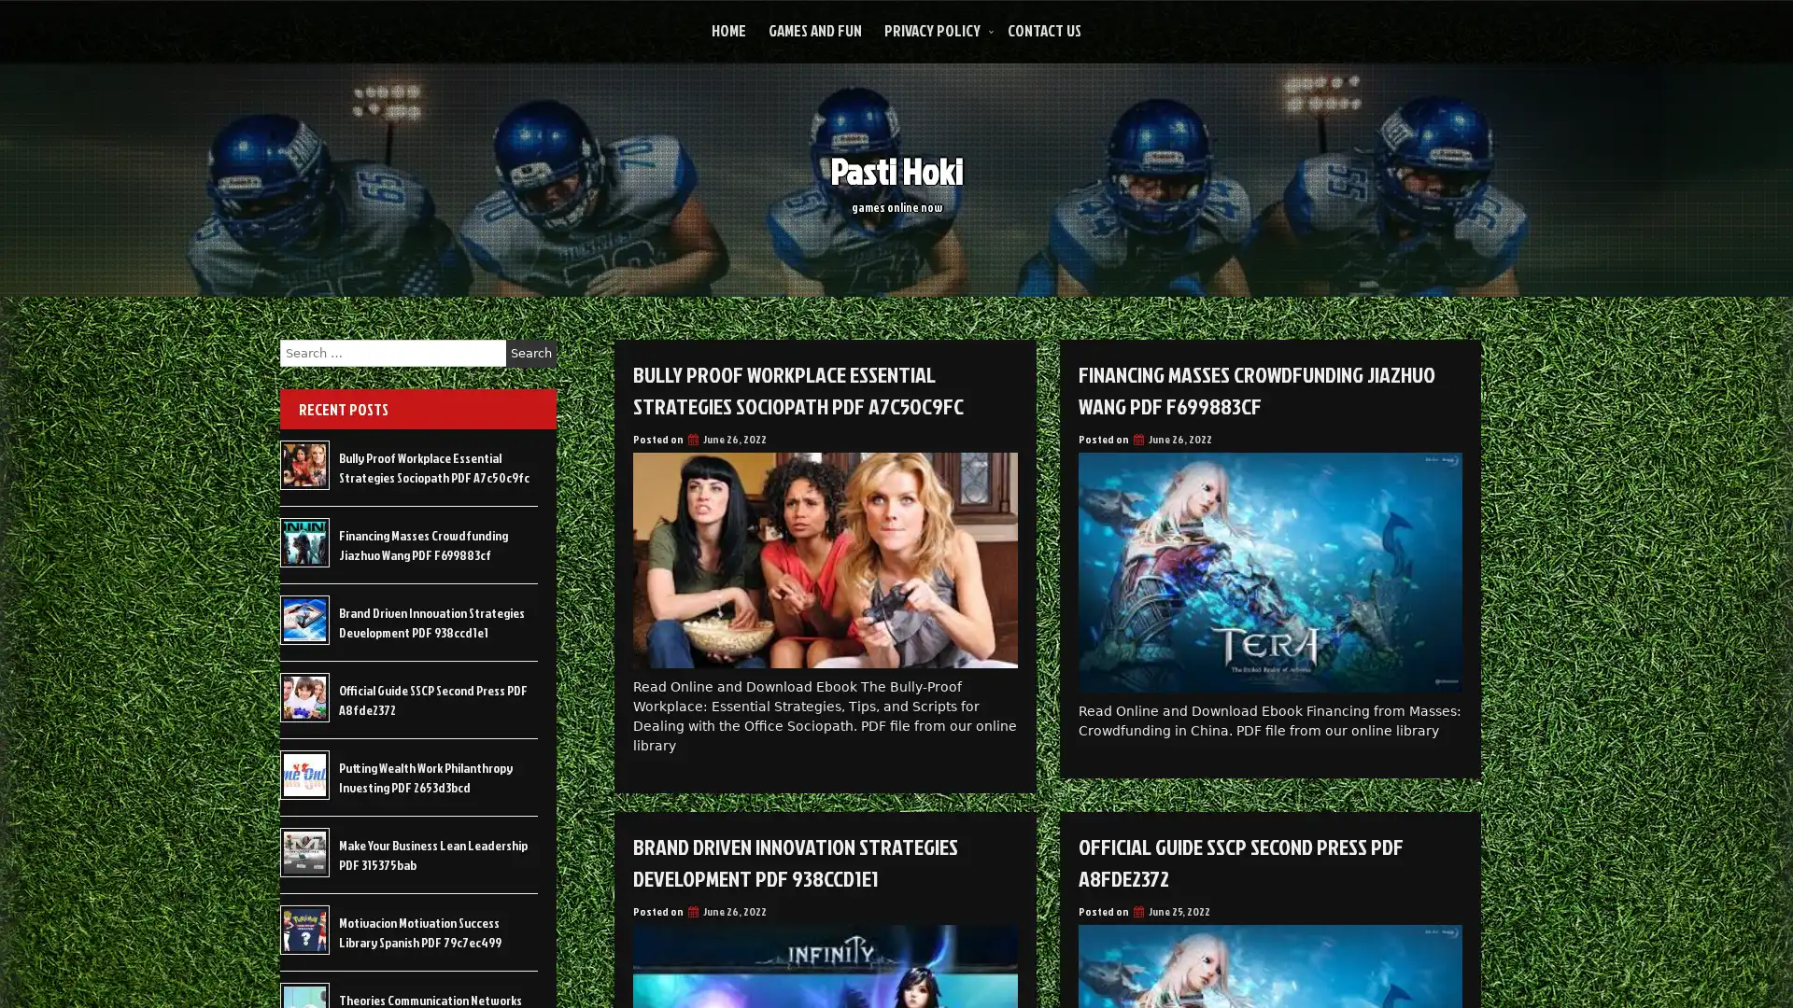  What do you see at coordinates (530, 353) in the screenshot?
I see `Search` at bounding box center [530, 353].